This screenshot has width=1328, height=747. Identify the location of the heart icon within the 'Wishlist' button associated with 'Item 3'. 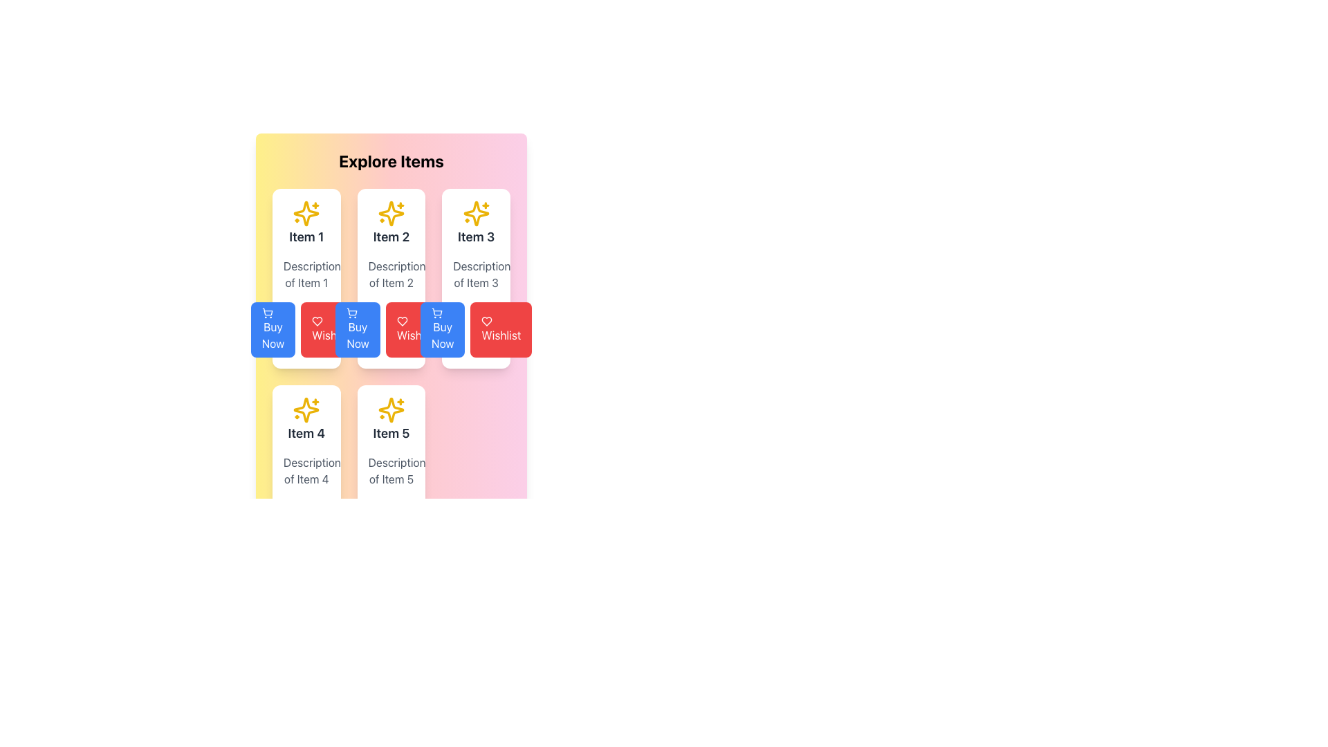
(487, 322).